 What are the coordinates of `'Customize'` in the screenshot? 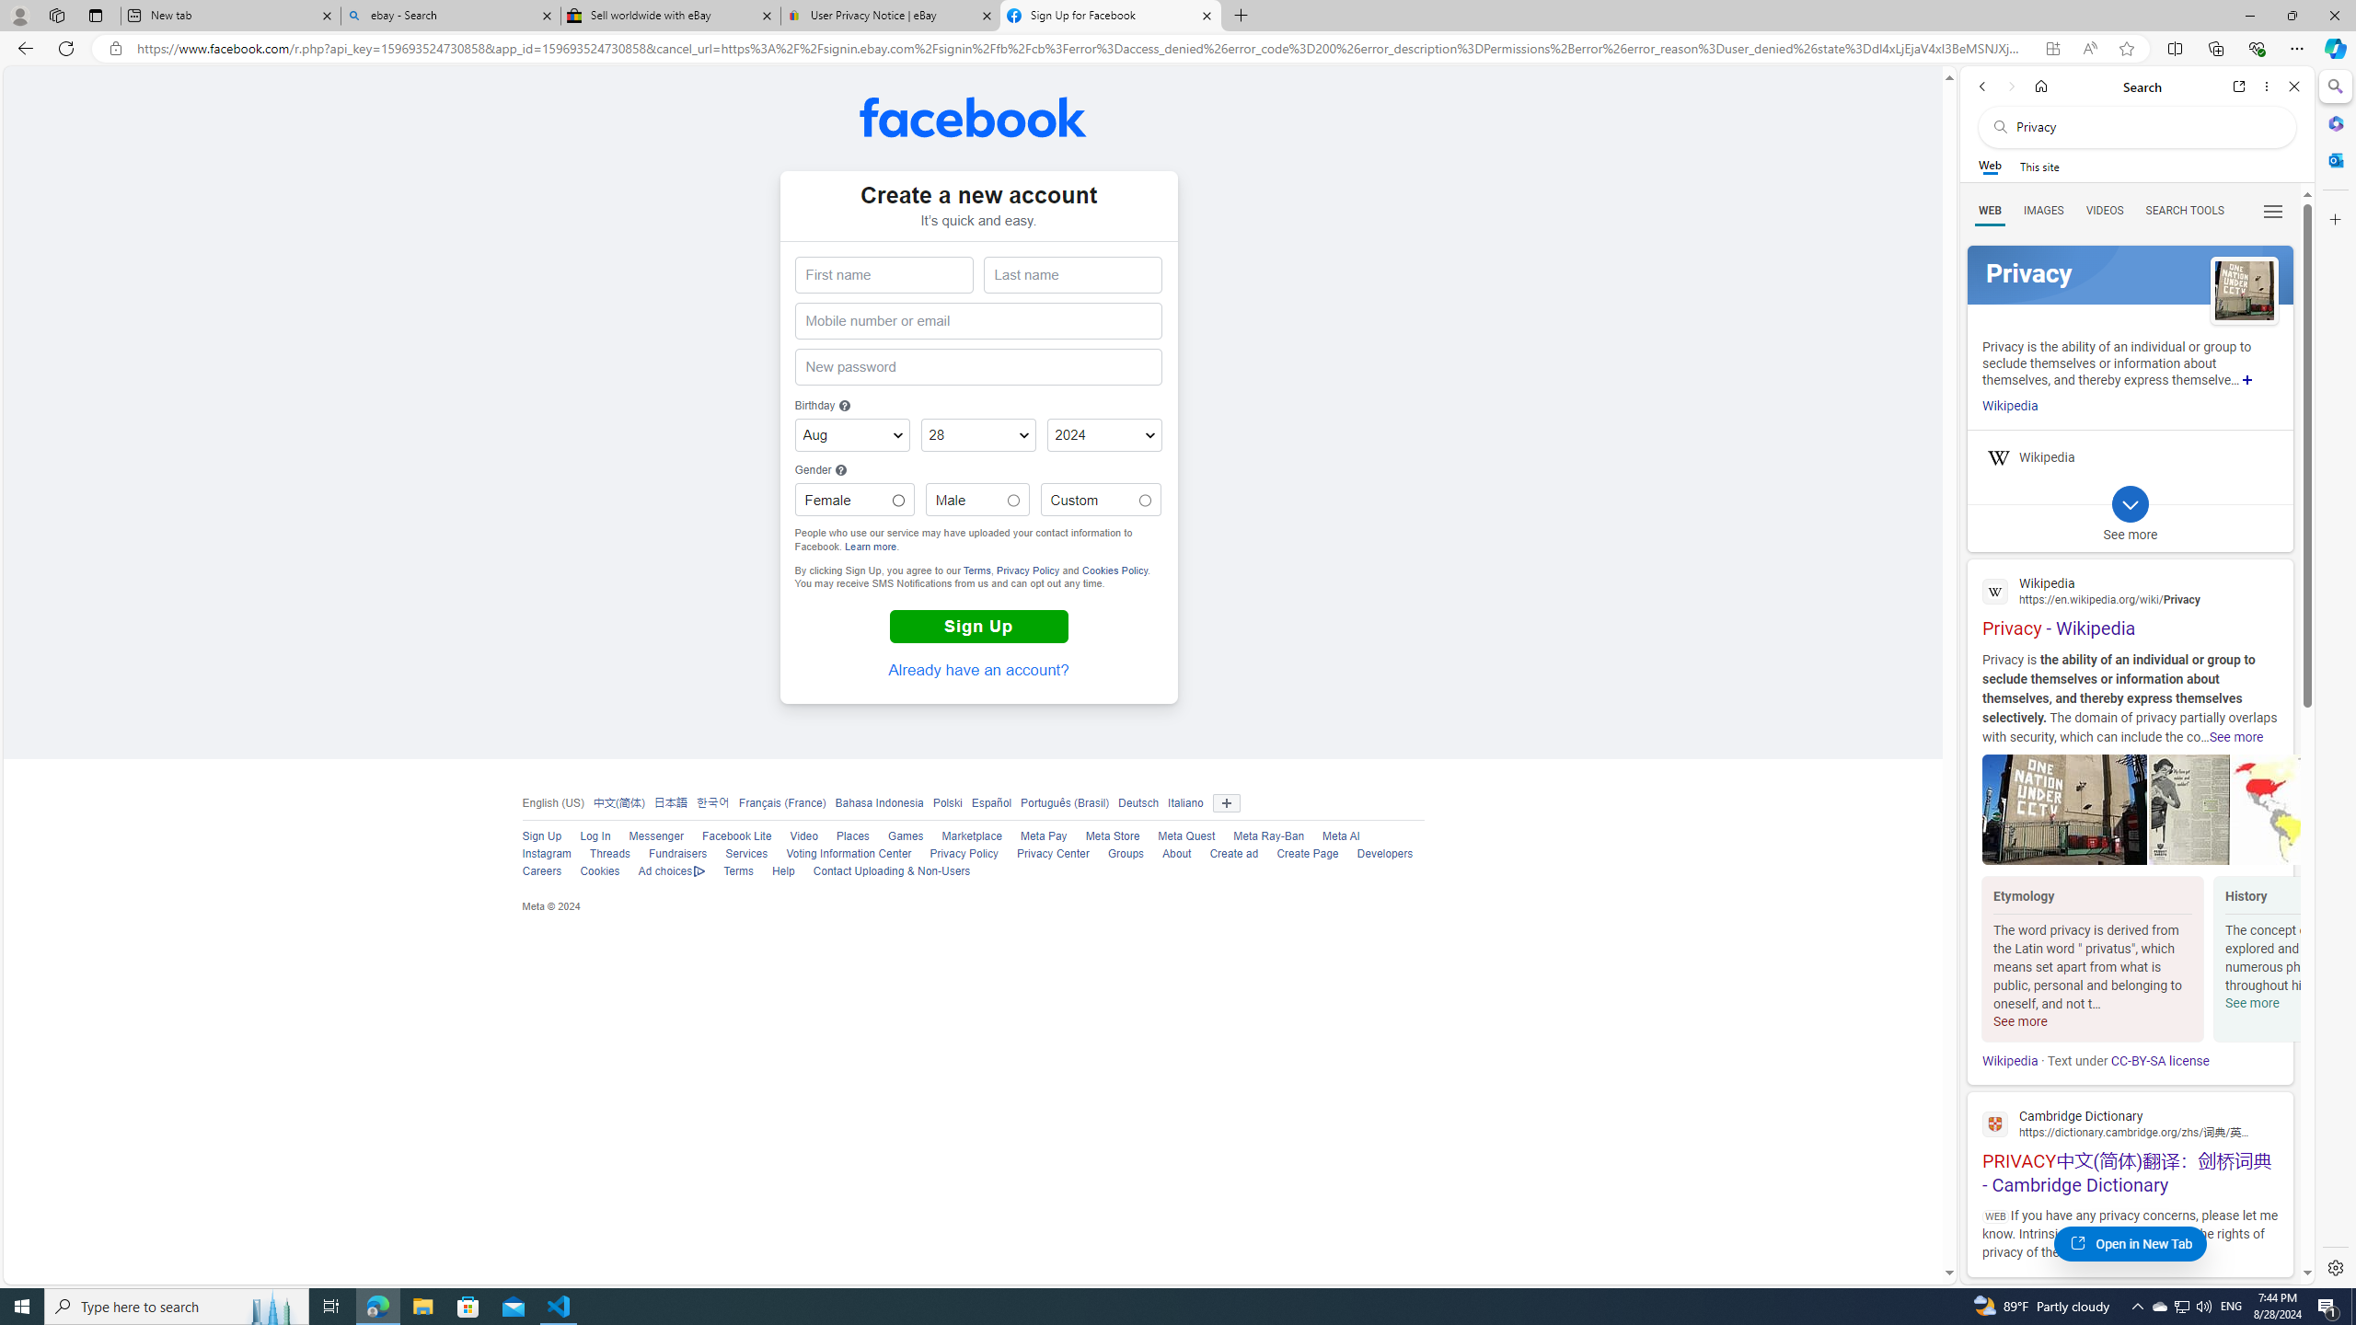 It's located at (2333, 218).